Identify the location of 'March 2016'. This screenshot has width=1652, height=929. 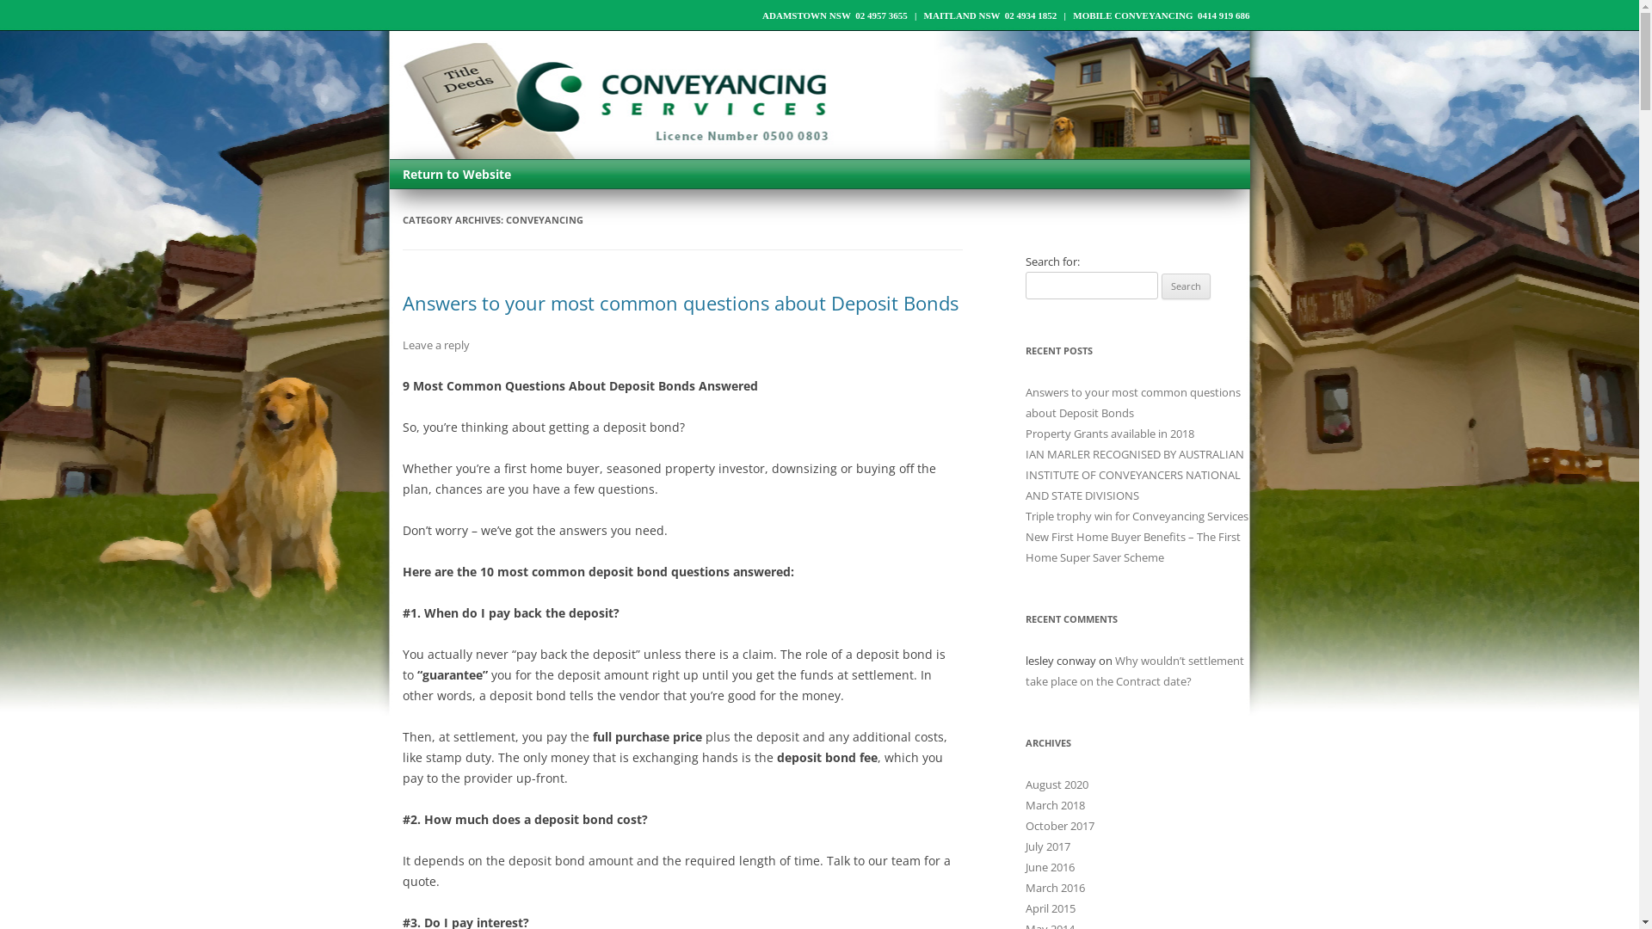
(1054, 888).